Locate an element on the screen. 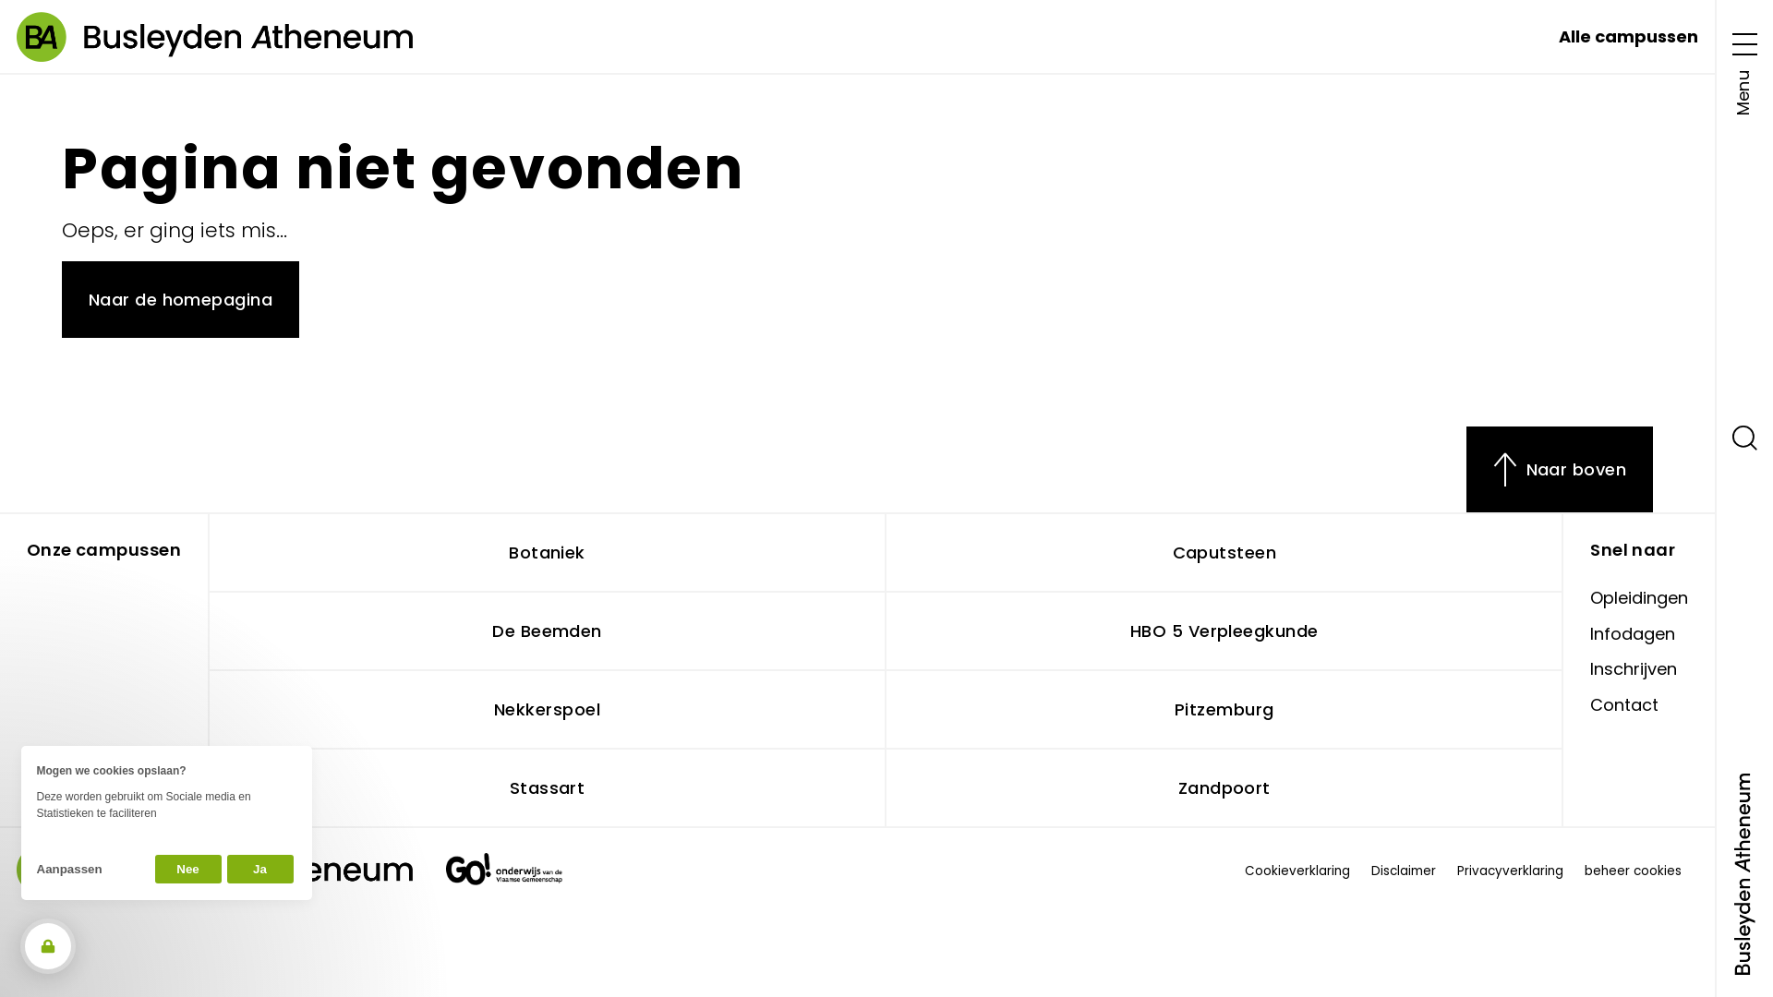 The height and width of the screenshot is (997, 1773). 'Opleidingen' is located at coordinates (1639, 597).